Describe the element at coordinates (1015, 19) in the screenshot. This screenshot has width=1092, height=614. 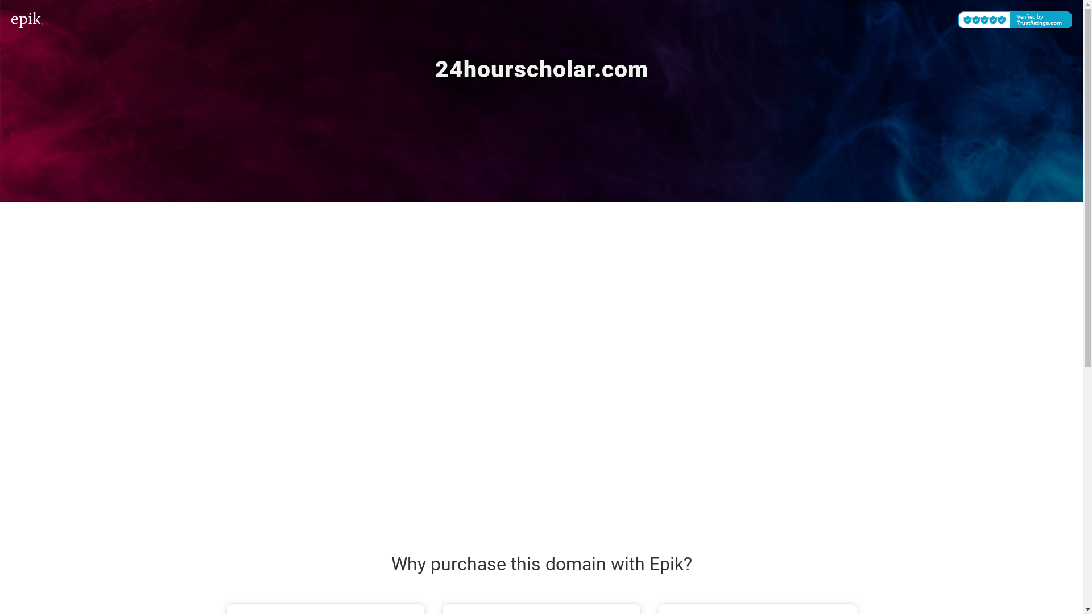
I see `'Verified by TrustRatings.com'` at that location.